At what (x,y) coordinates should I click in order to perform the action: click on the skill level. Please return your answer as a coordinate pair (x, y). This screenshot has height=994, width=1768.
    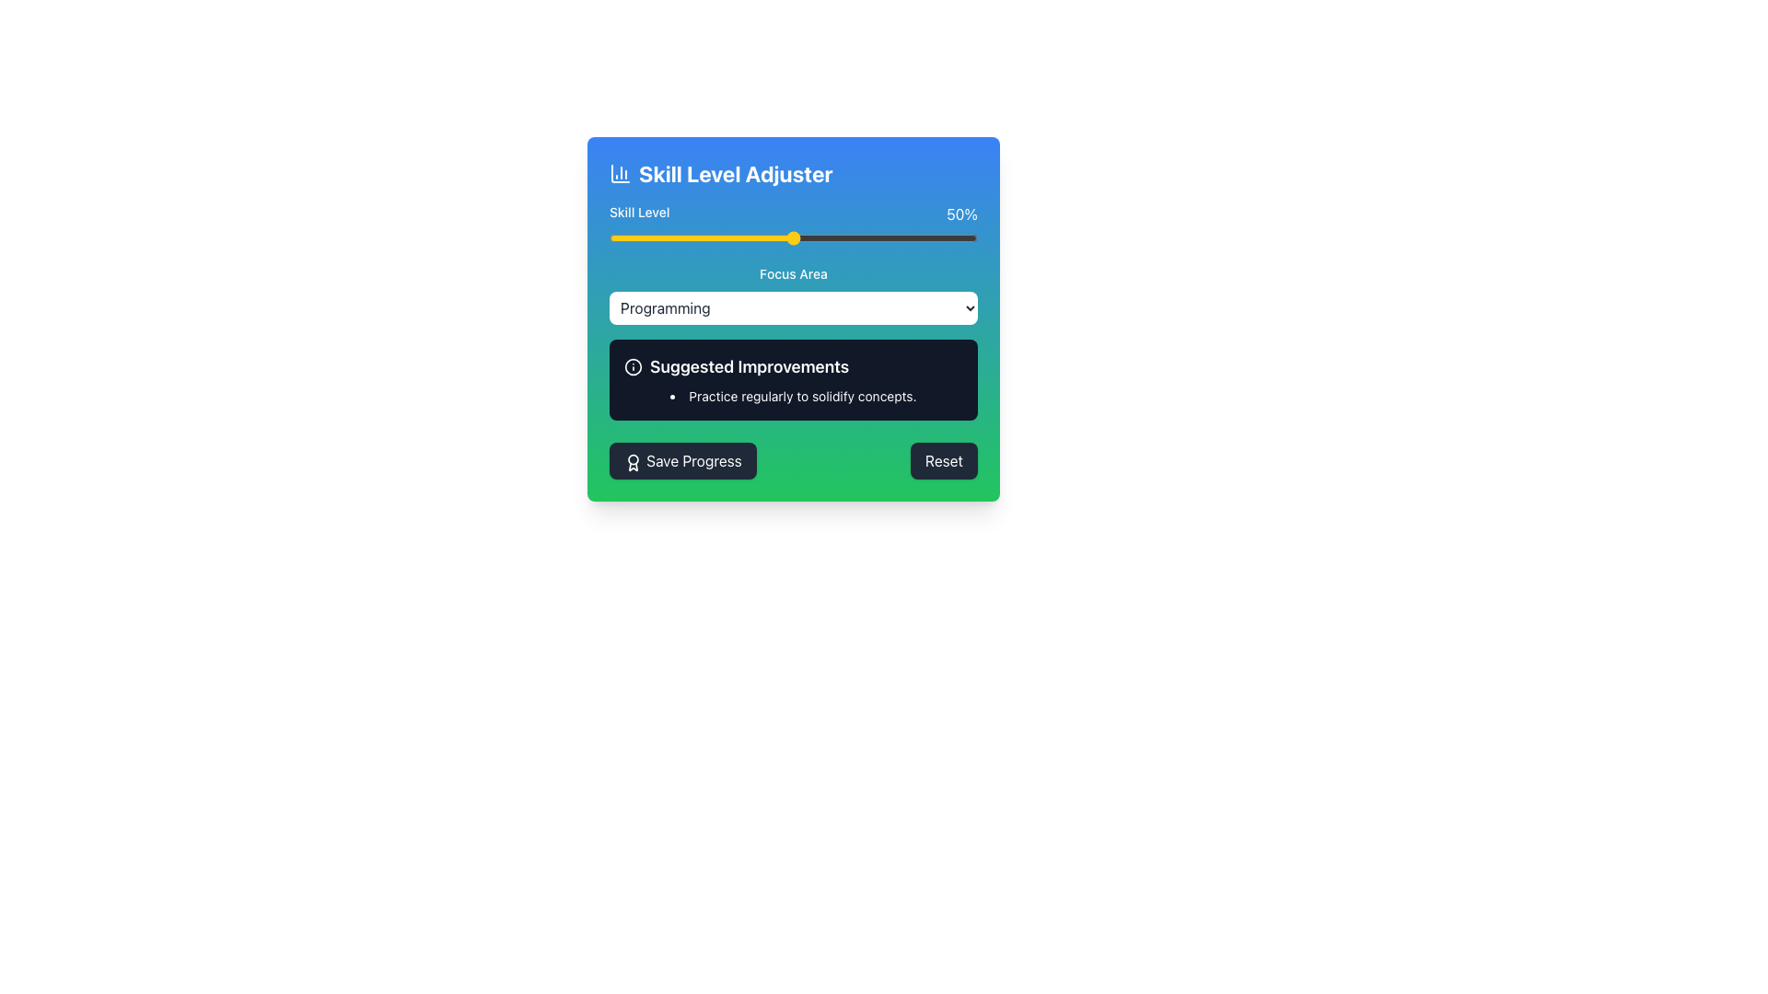
    Looking at the image, I should click on (623, 237).